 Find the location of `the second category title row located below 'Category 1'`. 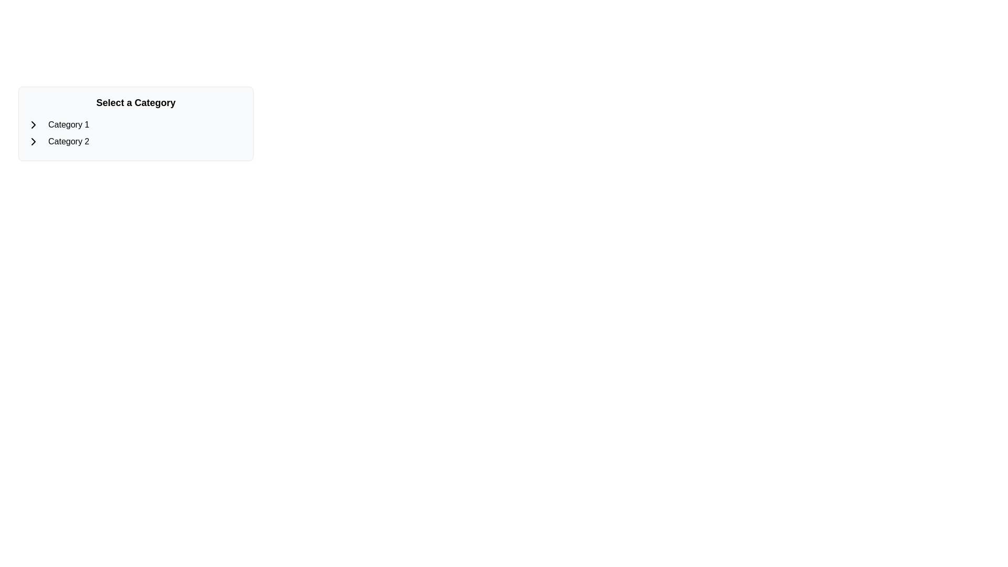

the second category title row located below 'Category 1' is located at coordinates (135, 142).